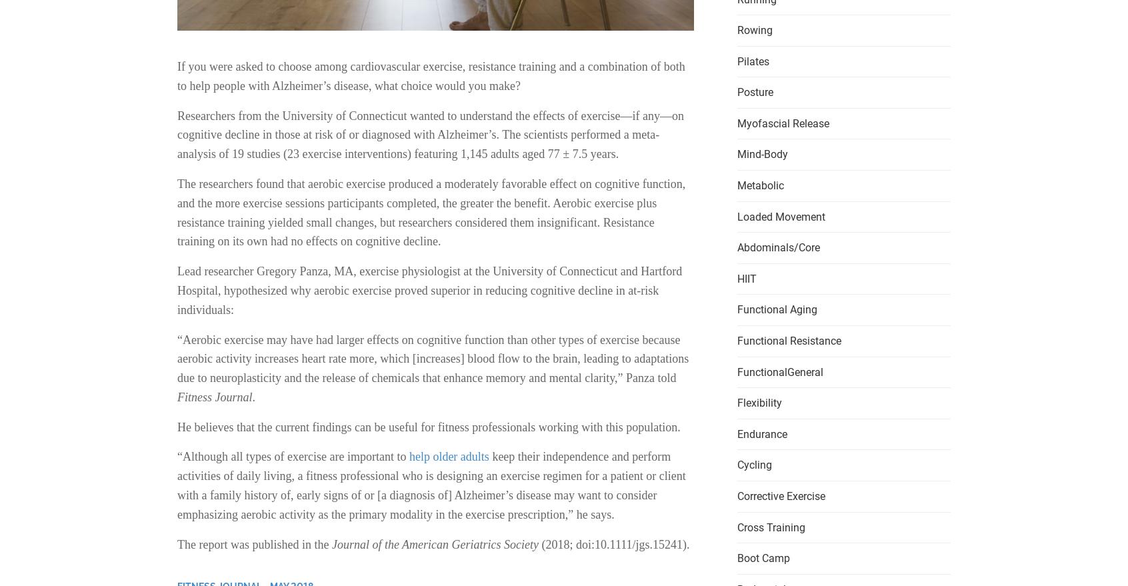  What do you see at coordinates (431, 212) in the screenshot?
I see `'The researchers found that aerobic exercise produced a moderately favorable effect on cognitive function, and the more exercise sessions participants completed, the greater the benefit. Aerobic exercise plus resistance training yielded small changes, but researchers considered them insignificant. Resistance training on its own had no effects on cognitive decline.'` at bounding box center [431, 212].